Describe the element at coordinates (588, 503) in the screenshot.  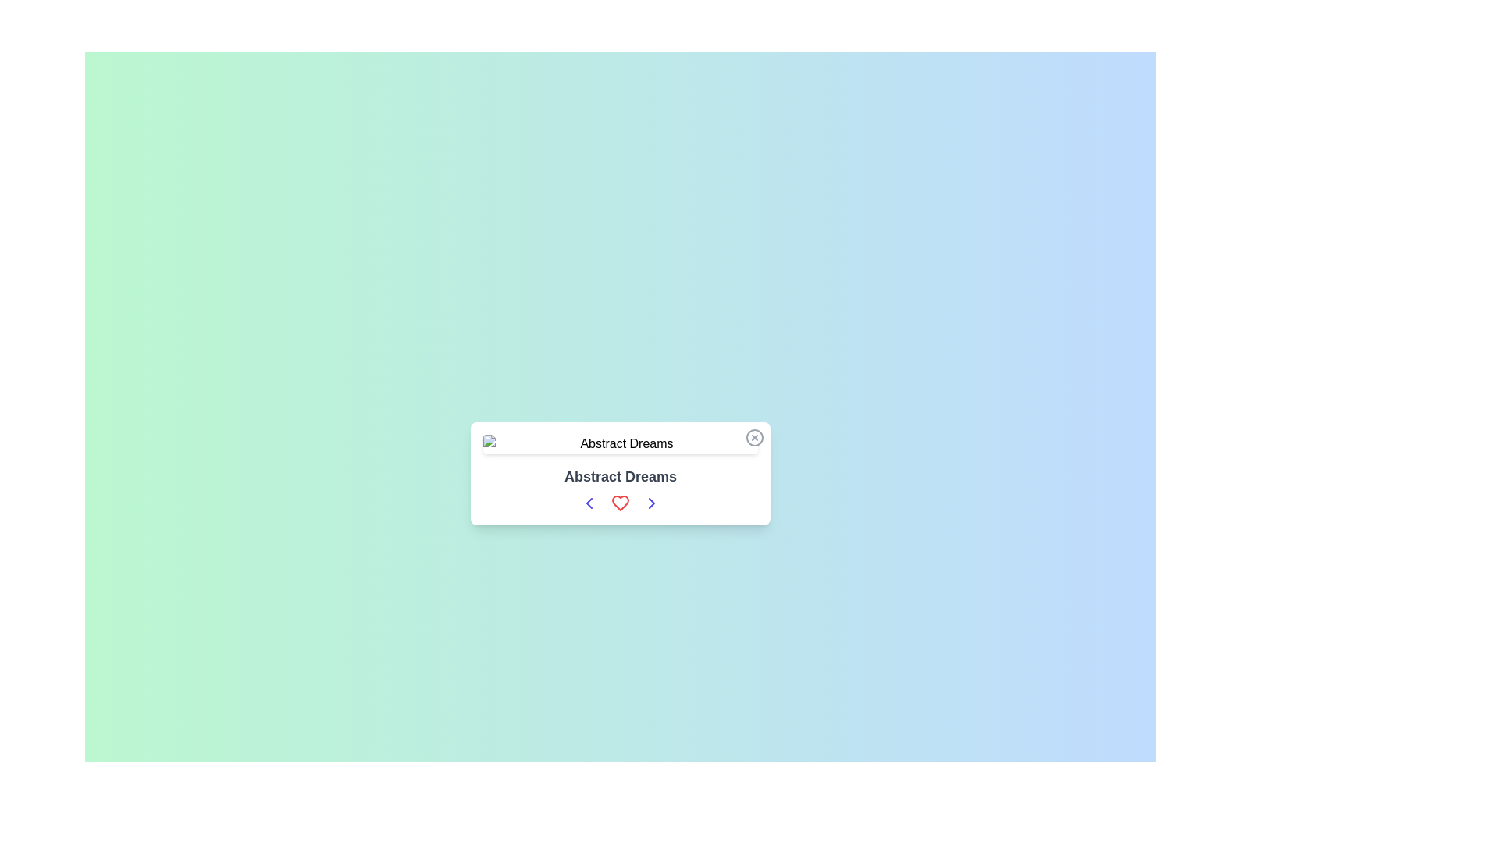
I see `the leftmost button in the horizontal row of controls below the 'Abstract Dreams' text` at that location.